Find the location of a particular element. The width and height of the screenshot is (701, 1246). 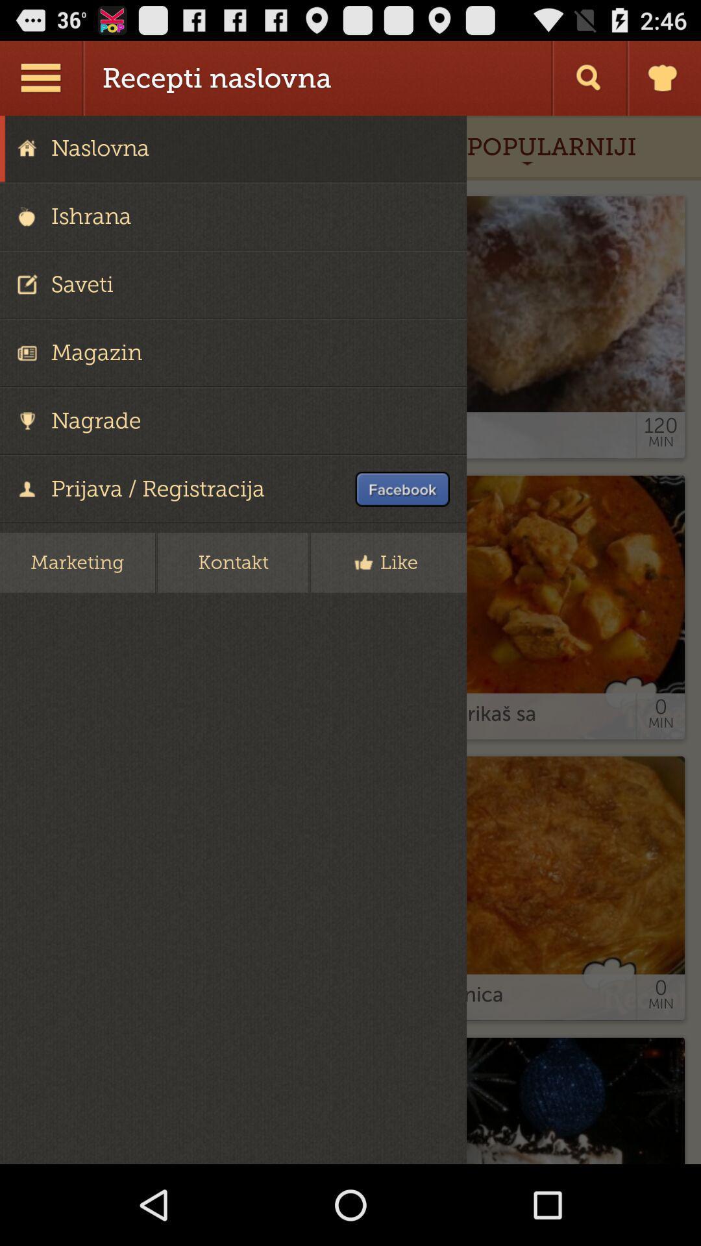

menu option is located at coordinates (42, 77).